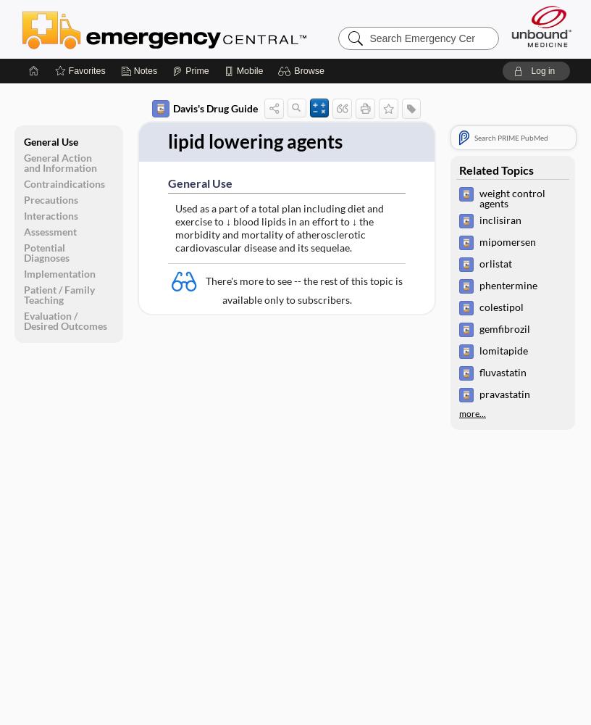 The height and width of the screenshot is (725, 591). I want to click on 'There's more to see -- the rest of this topic is available only to subscribers.', so click(303, 289).